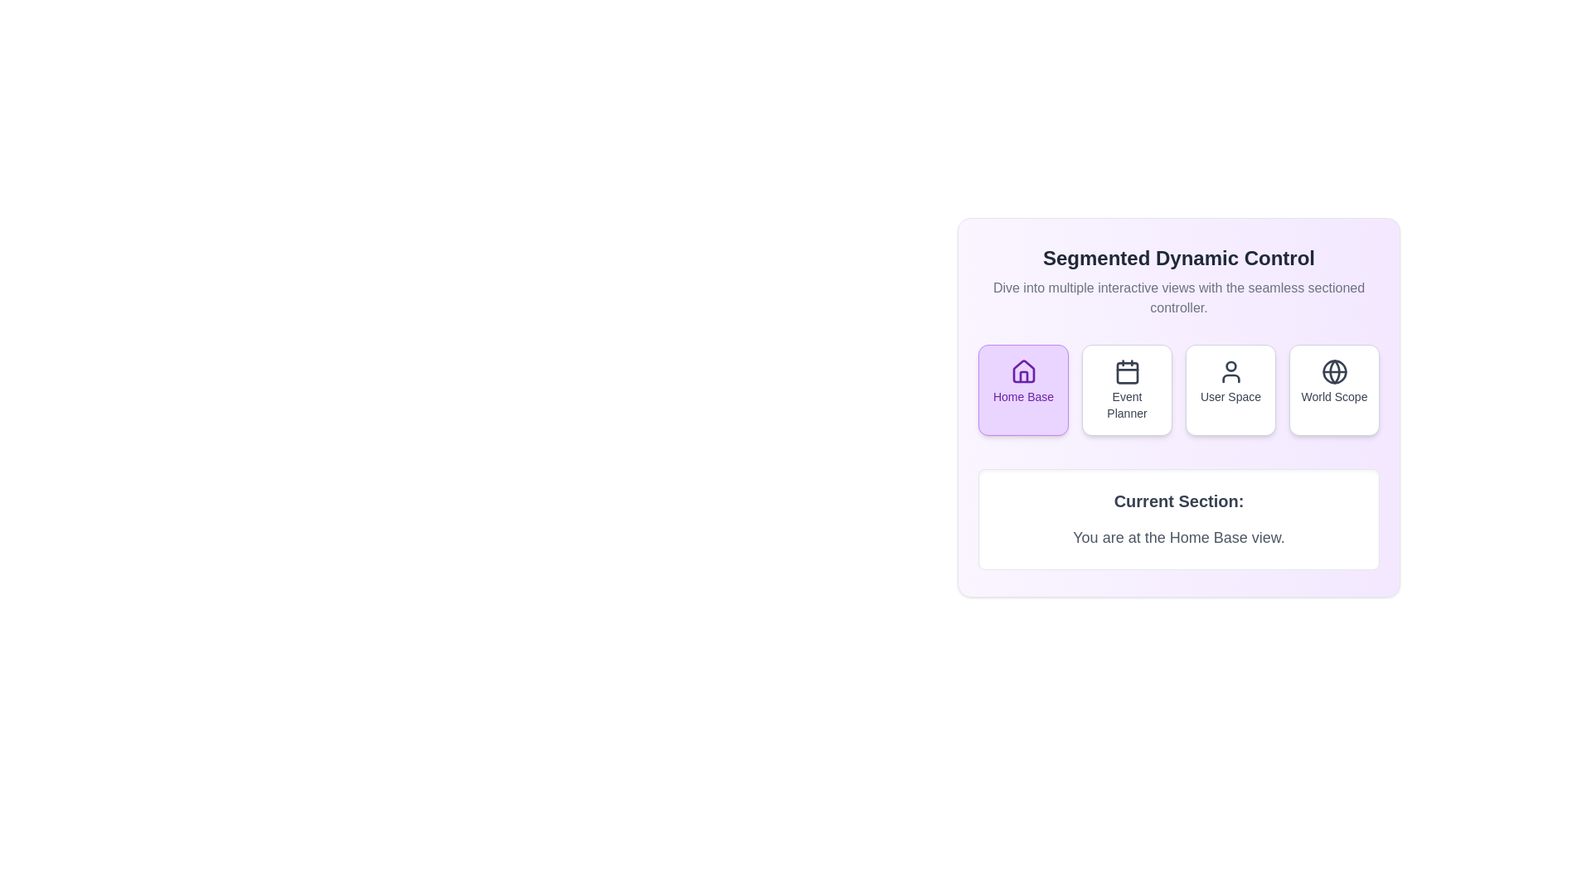 The height and width of the screenshot is (895, 1592). Describe the element at coordinates (1177, 280) in the screenshot. I see `the TextBlock titled 'Segmented Dynamic Control' which is styled in bold and contains a description about interactive views` at that location.